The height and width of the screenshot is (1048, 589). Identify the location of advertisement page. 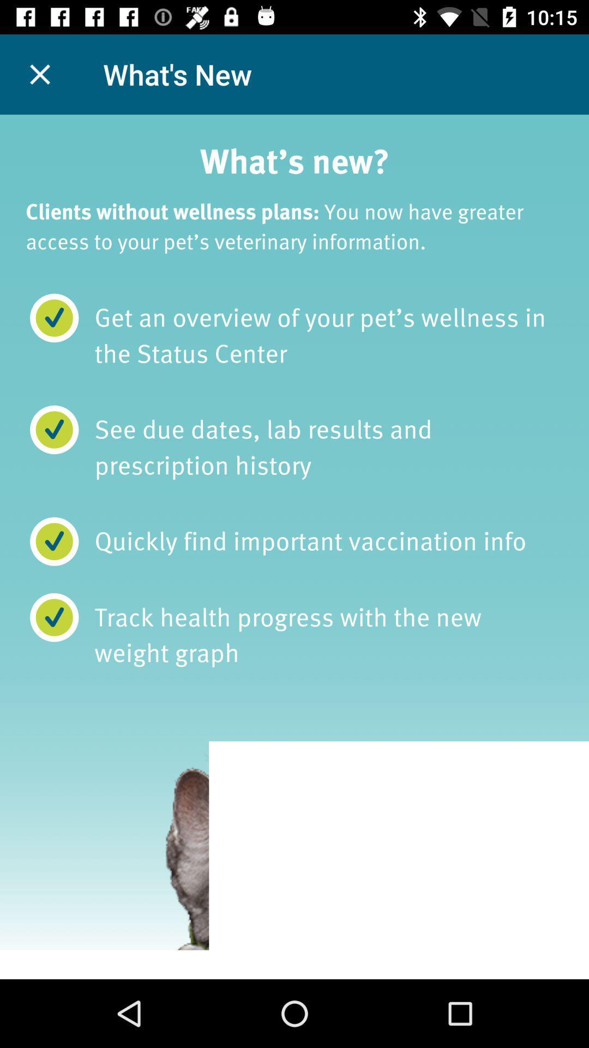
(294, 547).